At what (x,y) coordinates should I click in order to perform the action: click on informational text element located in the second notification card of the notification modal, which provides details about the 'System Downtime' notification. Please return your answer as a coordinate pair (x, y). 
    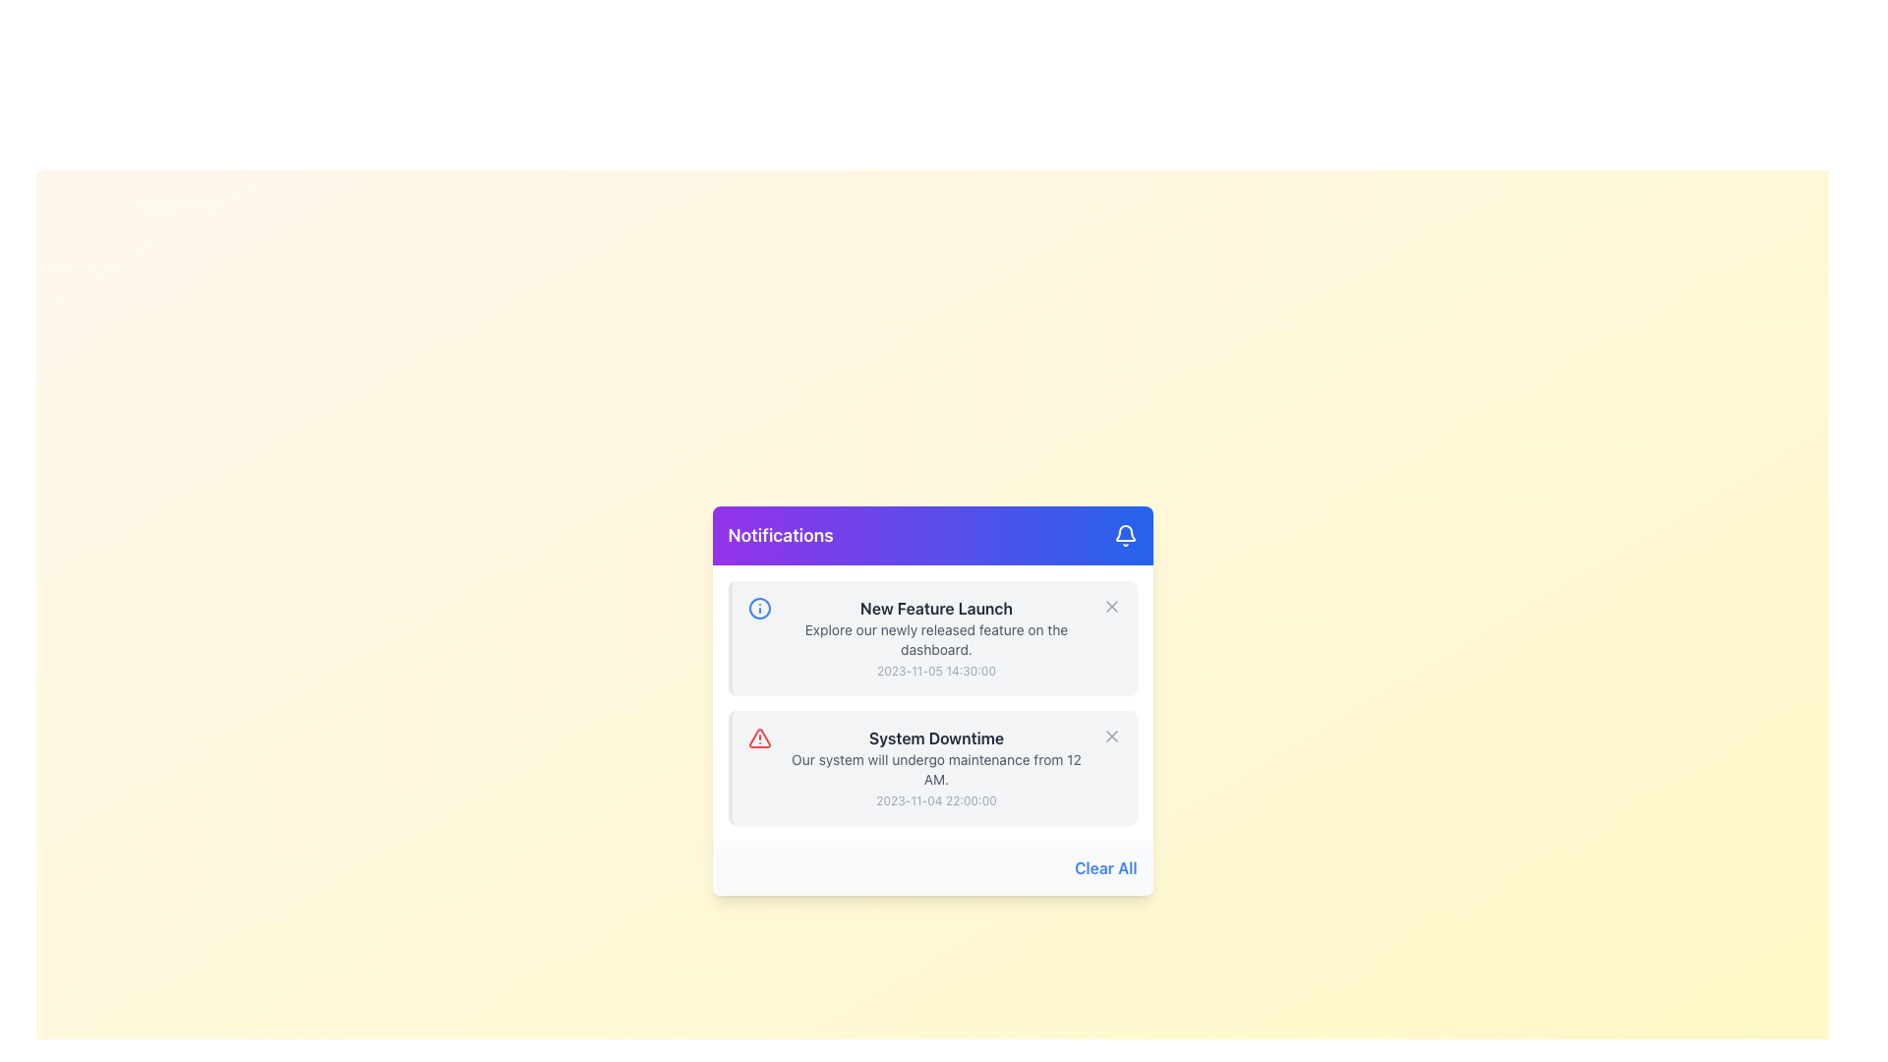
    Looking at the image, I should click on (935, 769).